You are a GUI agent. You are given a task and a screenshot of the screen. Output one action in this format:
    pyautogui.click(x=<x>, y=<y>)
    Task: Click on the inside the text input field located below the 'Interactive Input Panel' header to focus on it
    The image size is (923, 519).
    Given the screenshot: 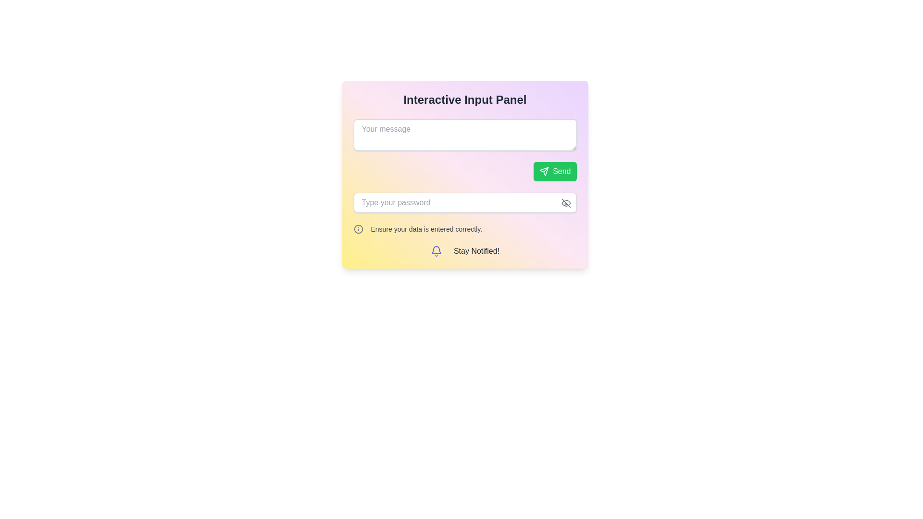 What is the action you would take?
    pyautogui.click(x=465, y=150)
    